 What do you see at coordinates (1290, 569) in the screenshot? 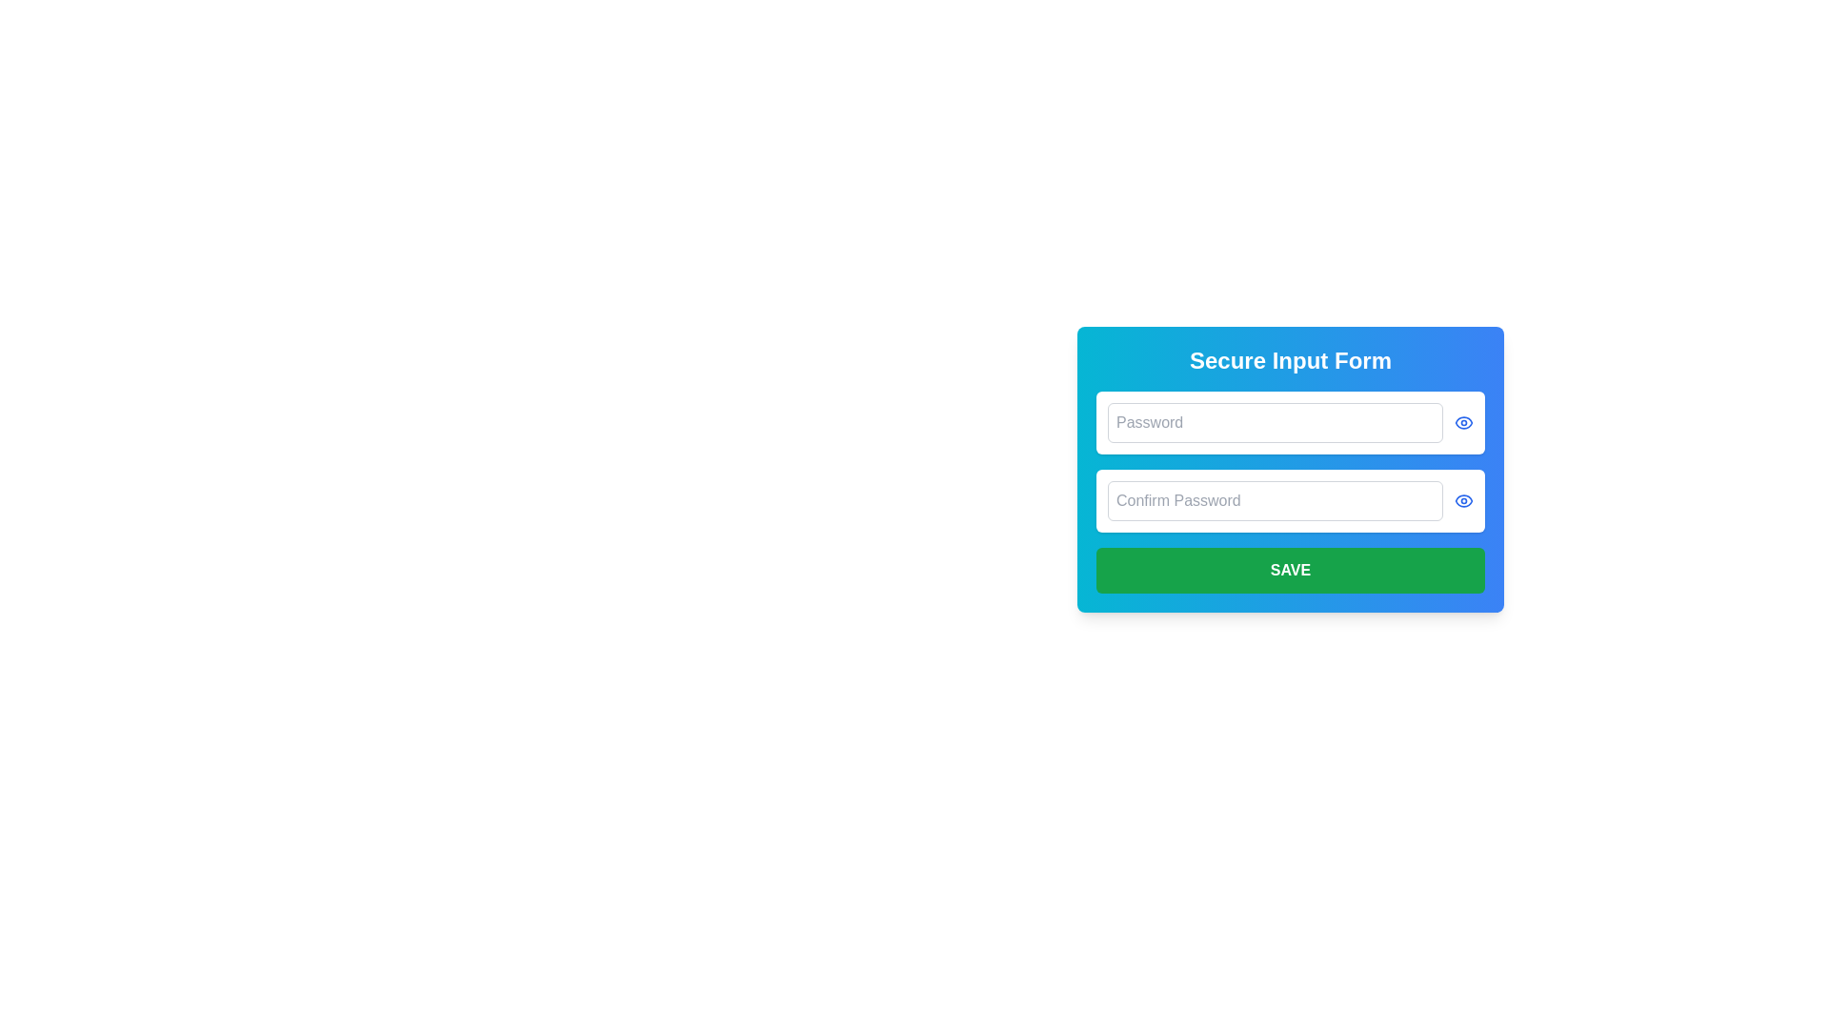
I see `the confirm button at the bottom of the 'Secure Input Form' dialog` at bounding box center [1290, 569].